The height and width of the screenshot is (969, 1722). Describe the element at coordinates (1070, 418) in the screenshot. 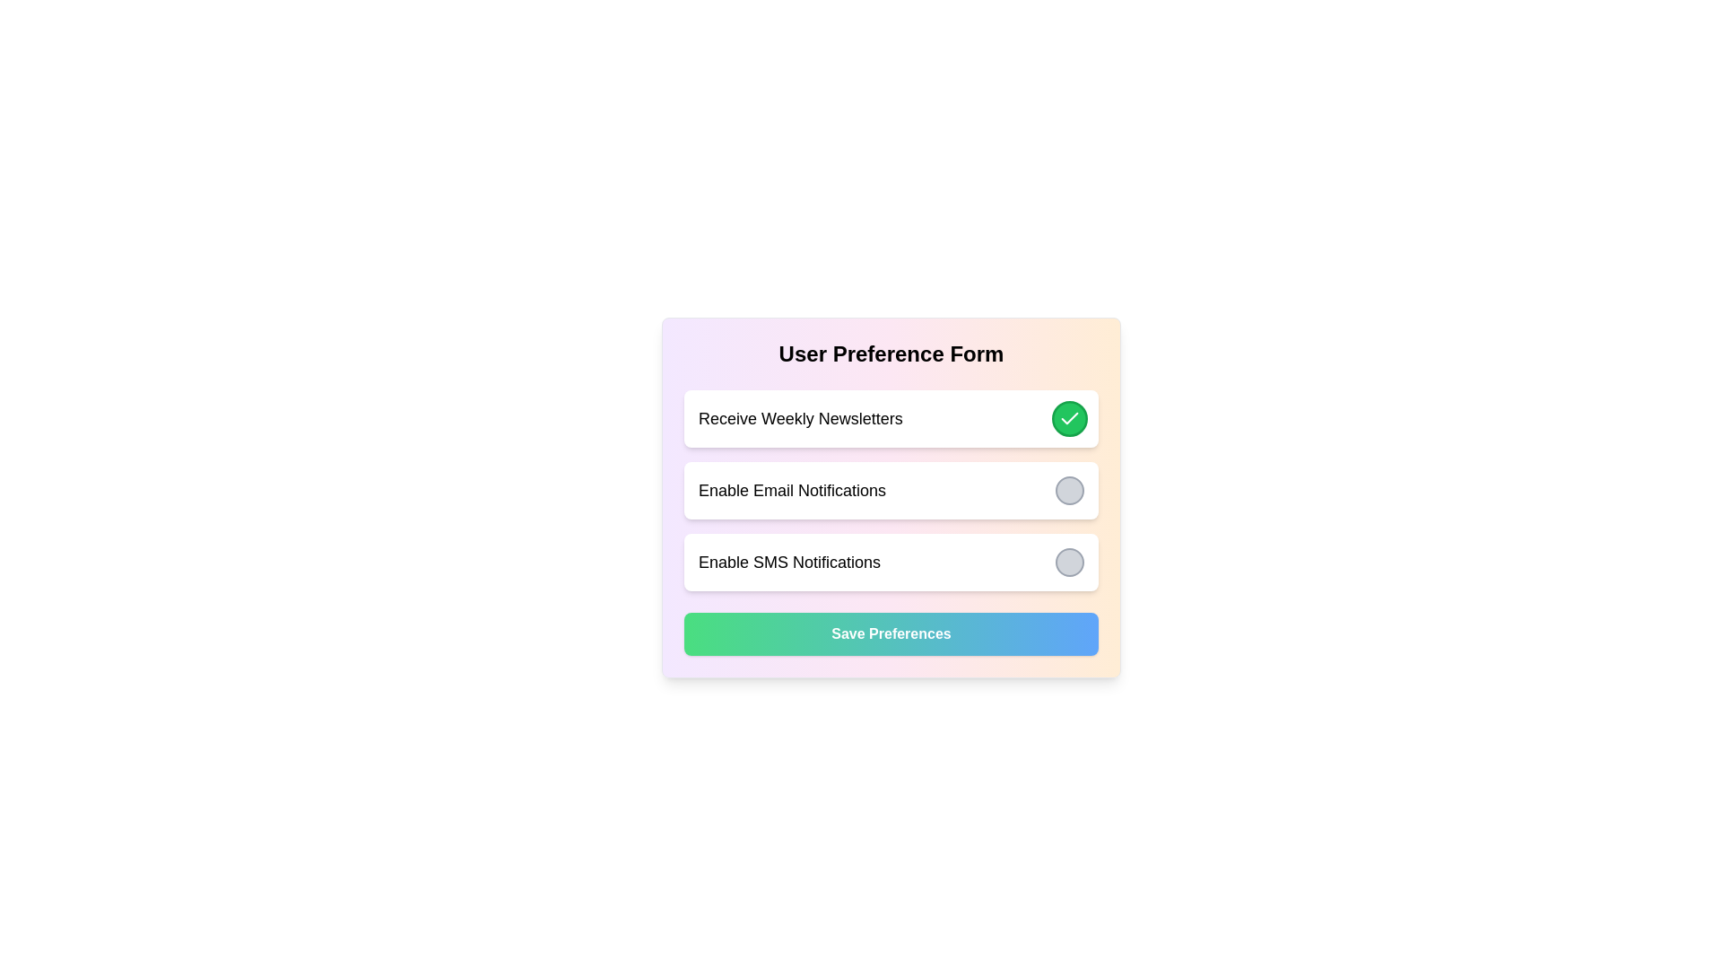

I see `the checkmark icon representing confirmation for the 'Receive Weekly Newsletters' option within the toggle switch UI component` at that location.